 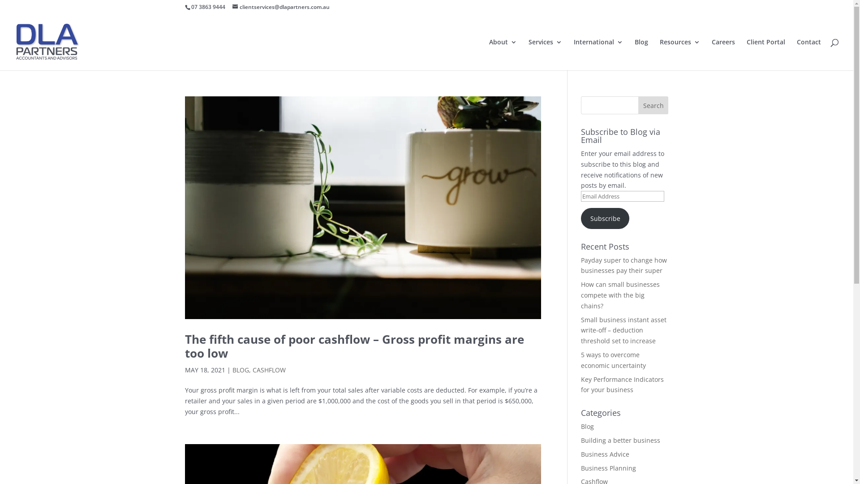 What do you see at coordinates (654, 105) in the screenshot?
I see `'Search'` at bounding box center [654, 105].